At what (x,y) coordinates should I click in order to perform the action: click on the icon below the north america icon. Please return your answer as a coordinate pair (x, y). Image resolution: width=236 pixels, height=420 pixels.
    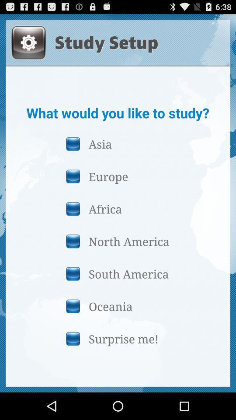
    Looking at the image, I should click on (118, 273).